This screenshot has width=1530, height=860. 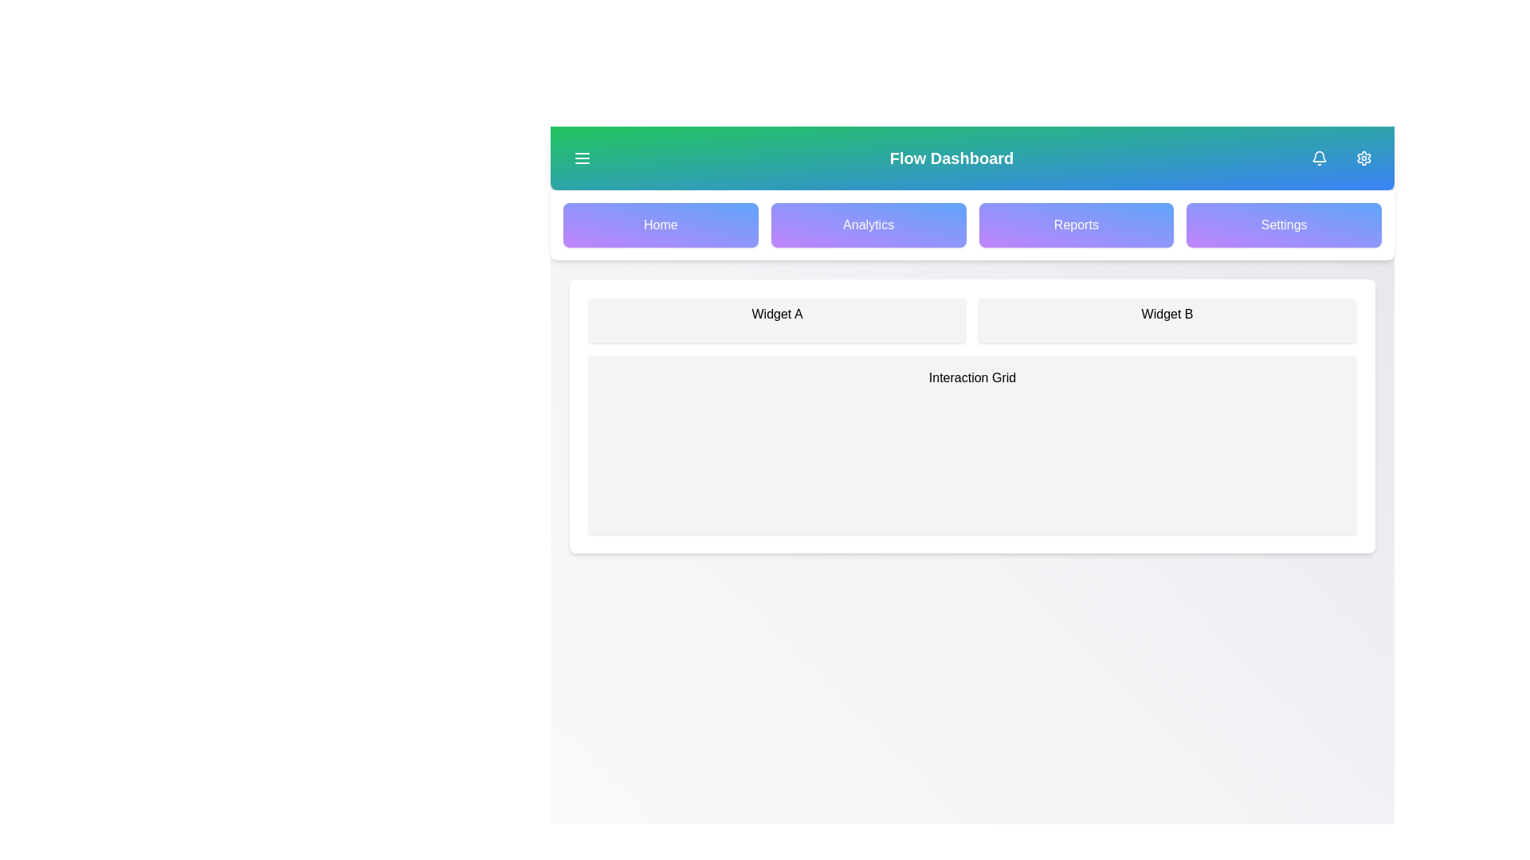 What do you see at coordinates (581, 158) in the screenshot?
I see `menu button to toggle the menu visibility` at bounding box center [581, 158].